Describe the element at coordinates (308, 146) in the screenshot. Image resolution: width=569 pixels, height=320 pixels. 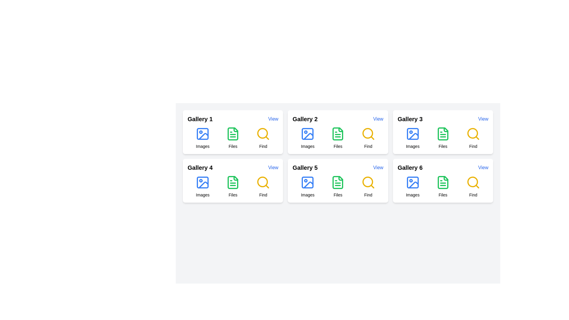
I see `text content of the label that reads 'Images' located within the 'Gallery 2' card, positioned below the image frame icon` at that location.